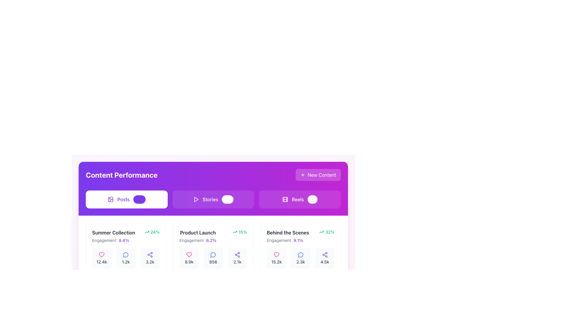 The height and width of the screenshot is (323, 574). I want to click on value displayed in the Text Display that shows the count of likes for the 'Behind the Scenes' section, located within a light gray rounded background box underneath a pink heart icon, so click(276, 261).